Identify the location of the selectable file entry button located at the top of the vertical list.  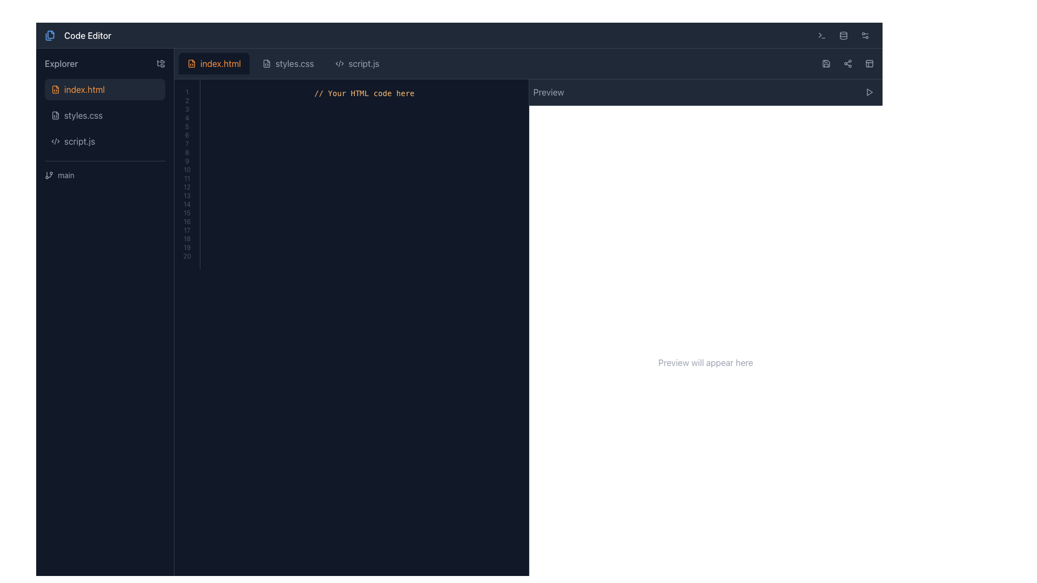
(105, 89).